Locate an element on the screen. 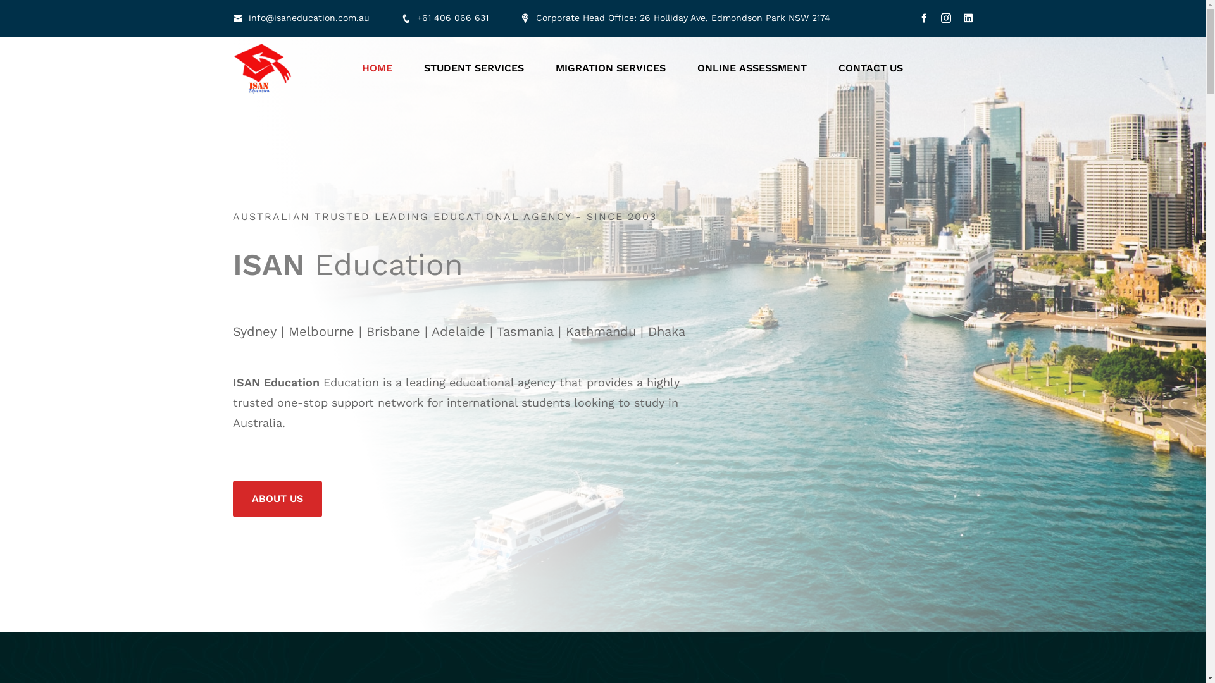  'HOME' is located at coordinates (376, 68).